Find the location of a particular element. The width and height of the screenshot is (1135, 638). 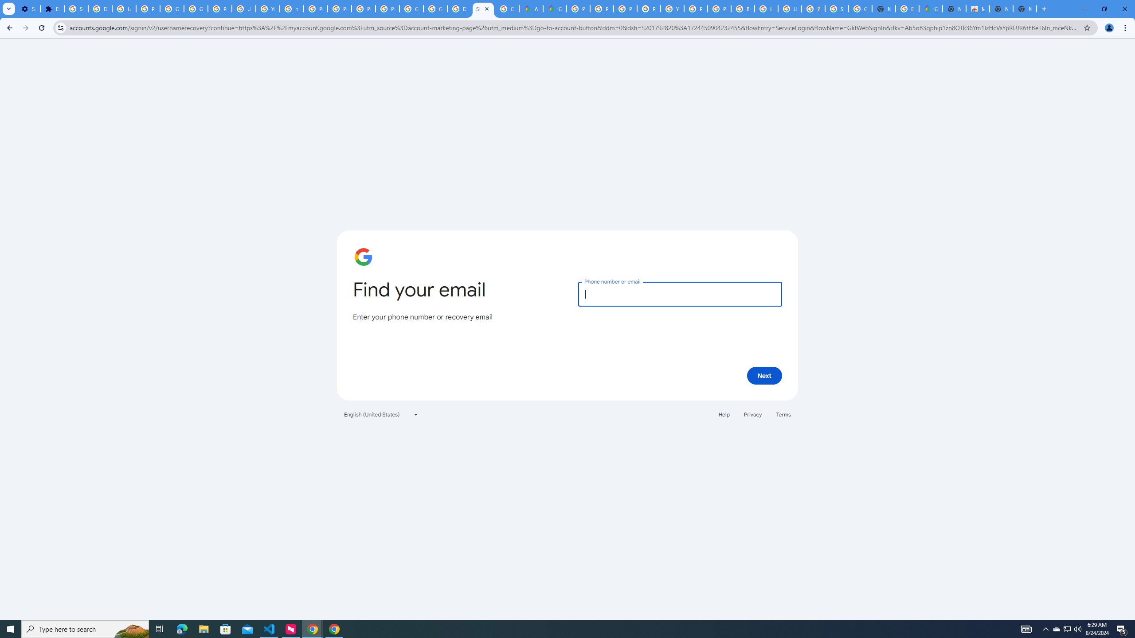

'Sign in - Google Accounts' is located at coordinates (76, 8).